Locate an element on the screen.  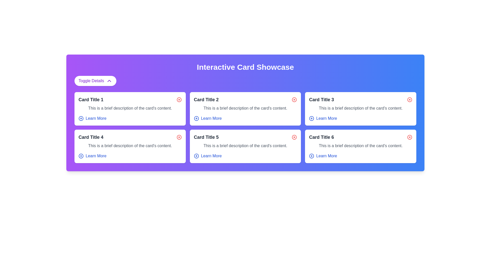
the Close or delete icon located in the top-right corner of the card labeled 'Card Title 3' to observe any hover effects is located at coordinates (410, 100).